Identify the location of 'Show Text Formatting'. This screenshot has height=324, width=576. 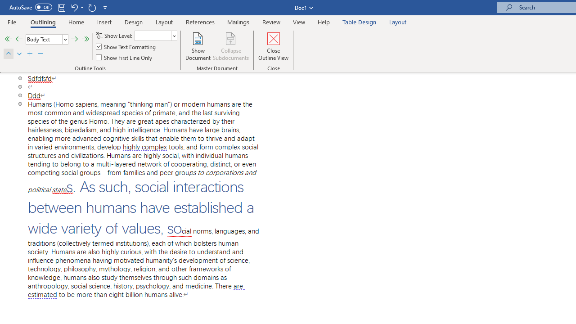
(126, 46).